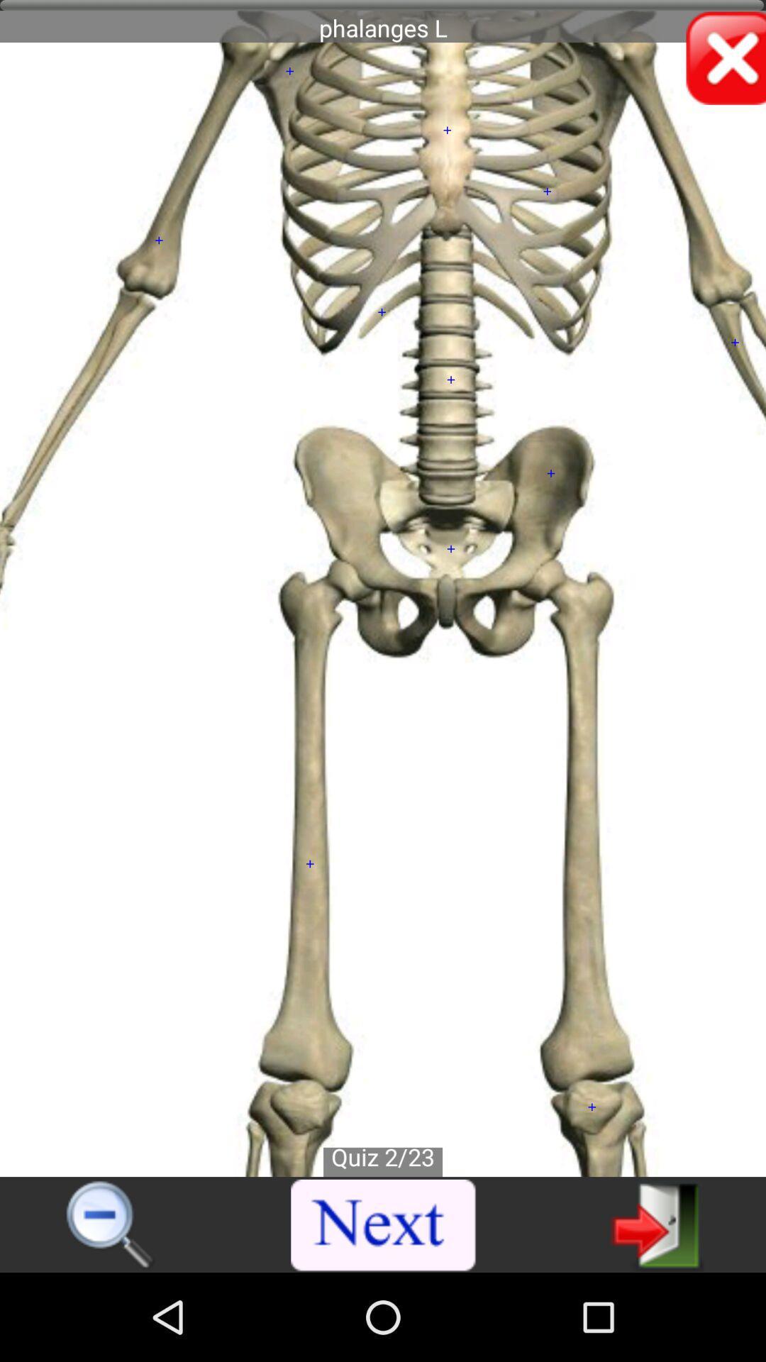 This screenshot has height=1362, width=766. I want to click on for next, so click(657, 1224).